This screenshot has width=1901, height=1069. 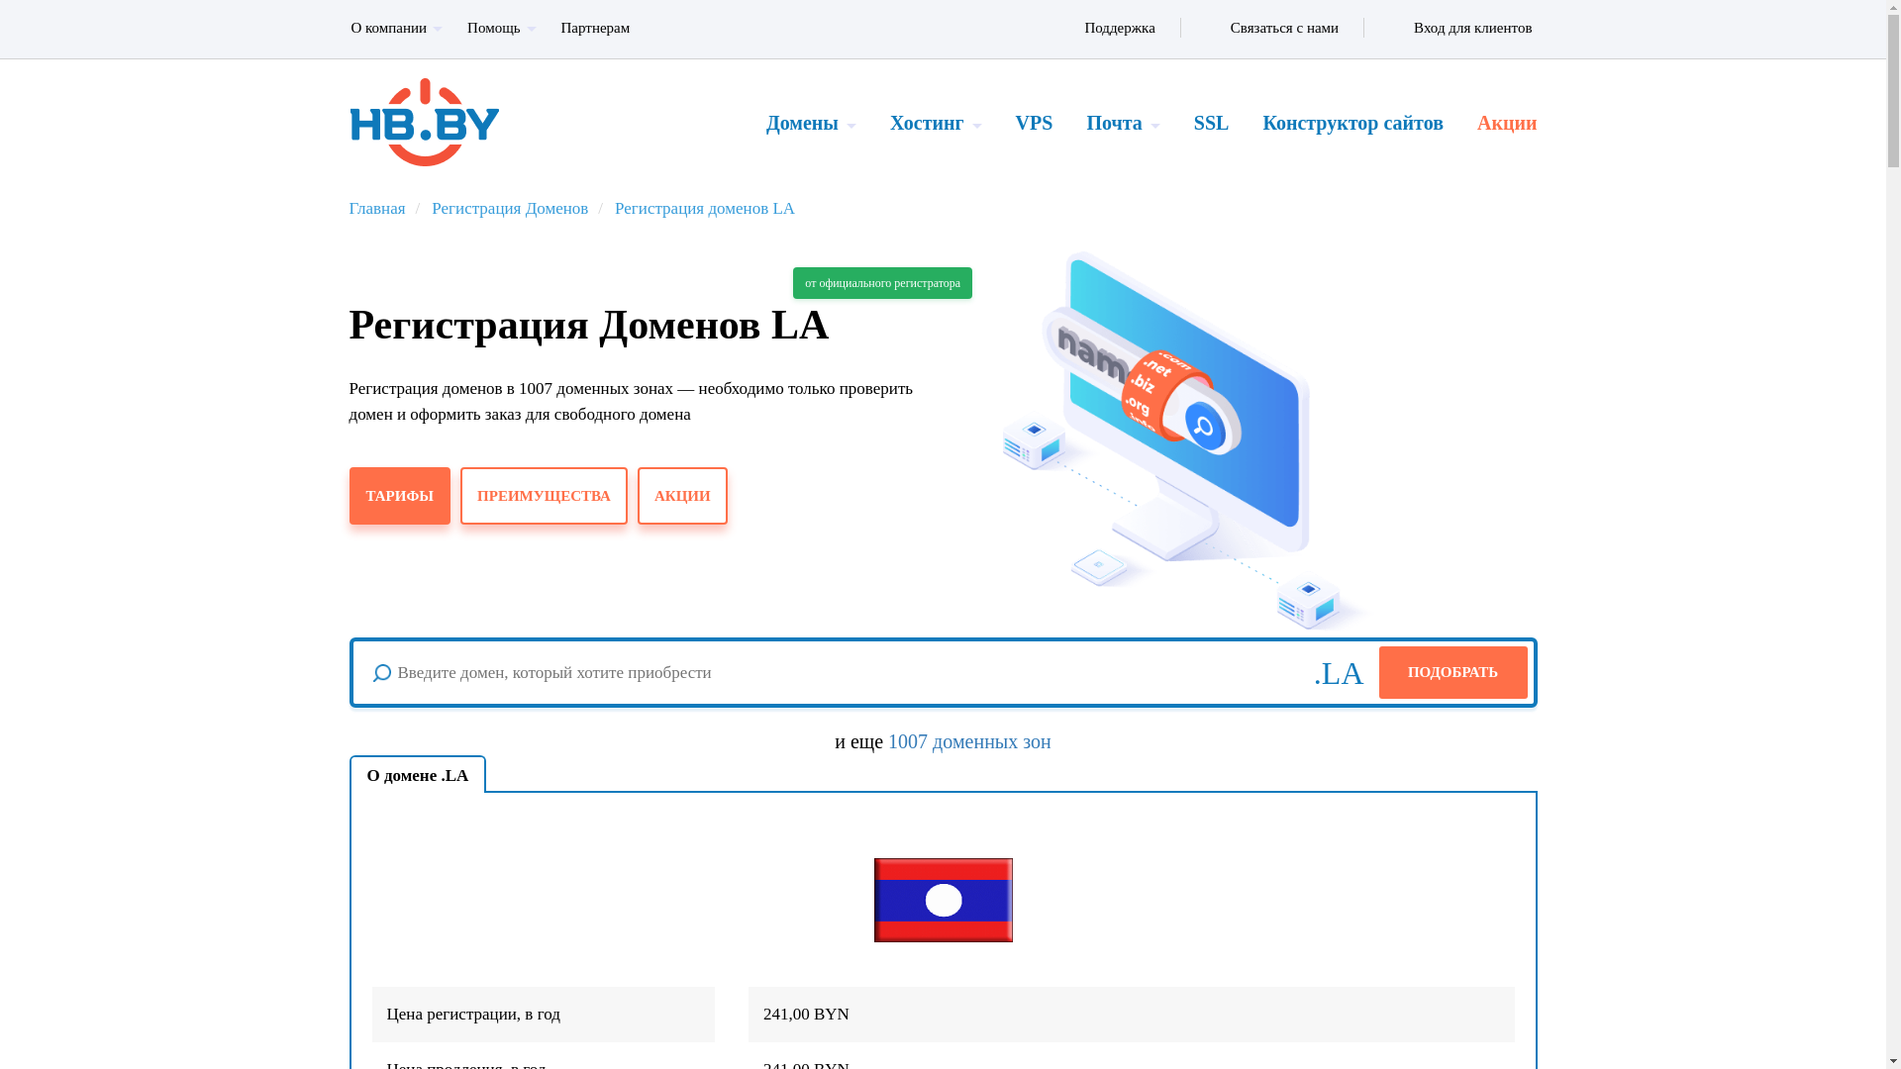 What do you see at coordinates (998, 122) in the screenshot?
I see `'VPS'` at bounding box center [998, 122].